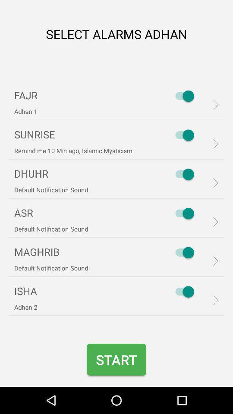 The image size is (233, 414). Describe the element at coordinates (182, 292) in the screenshot. I see `isha option` at that location.